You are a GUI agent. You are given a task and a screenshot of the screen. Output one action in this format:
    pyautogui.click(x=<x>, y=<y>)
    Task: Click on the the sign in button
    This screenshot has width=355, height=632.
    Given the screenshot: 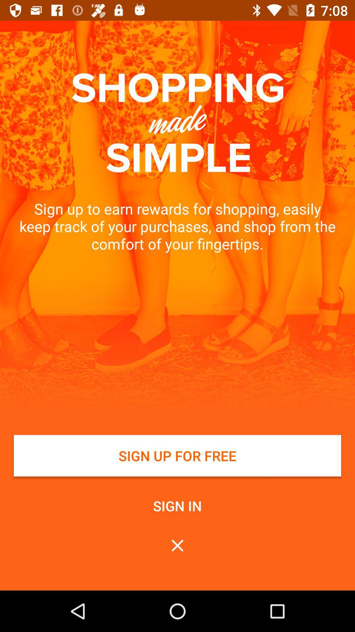 What is the action you would take?
    pyautogui.click(x=177, y=505)
    